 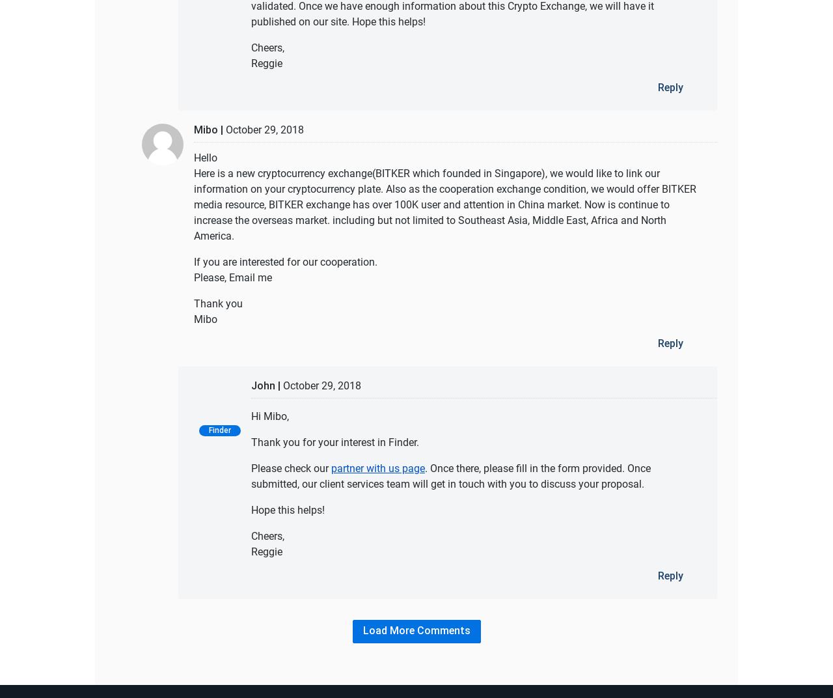 I want to click on 'partner with us page', so click(x=377, y=467).